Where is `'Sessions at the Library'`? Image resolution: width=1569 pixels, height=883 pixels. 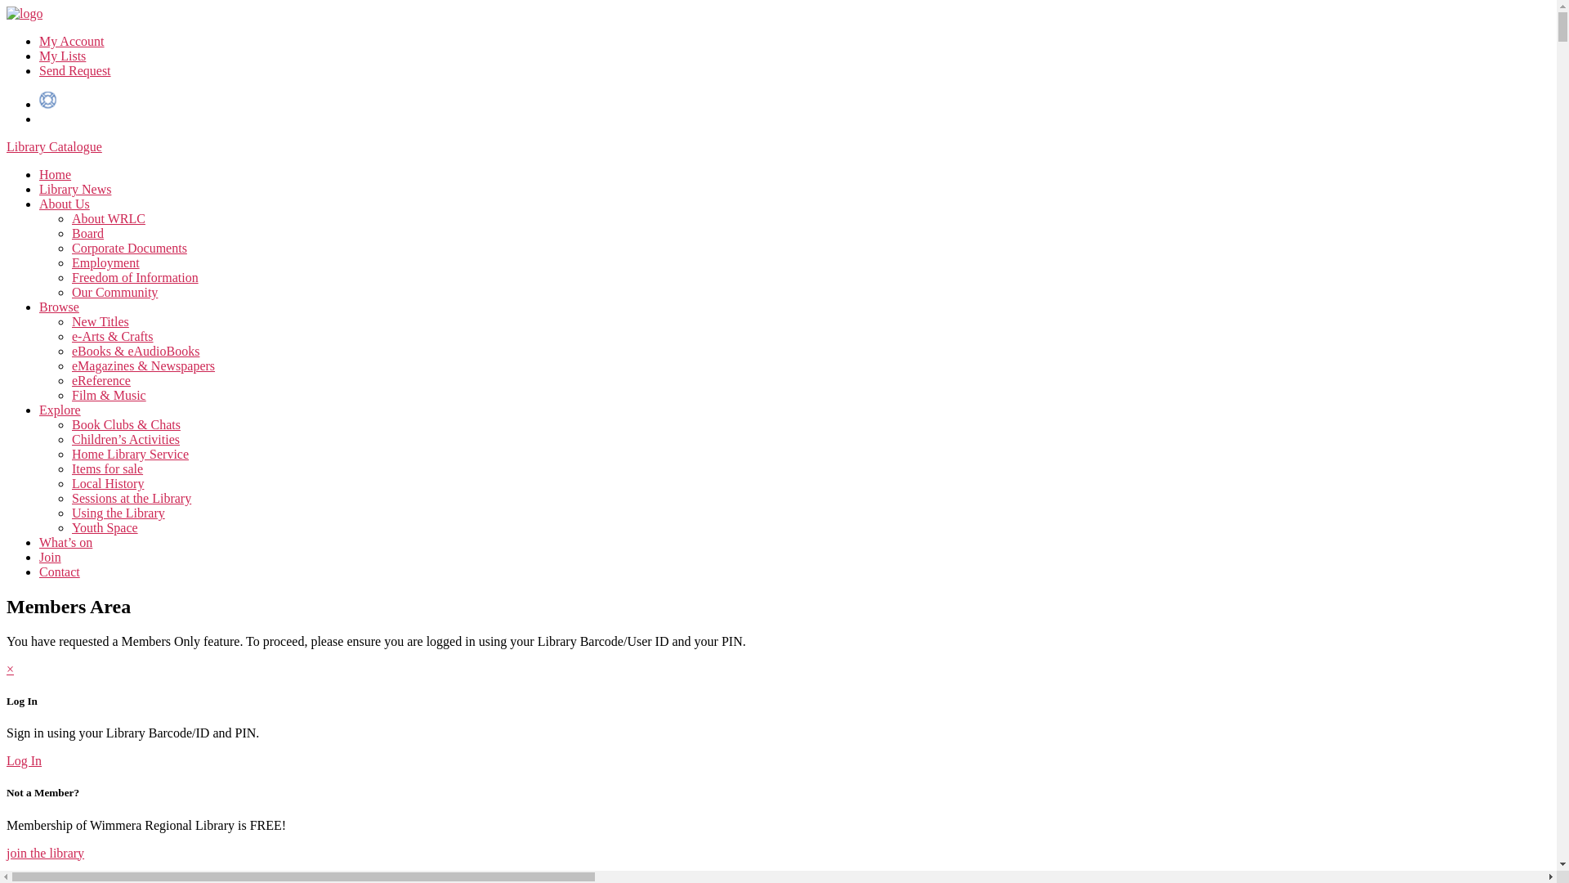 'Sessions at the Library' is located at coordinates (70, 497).